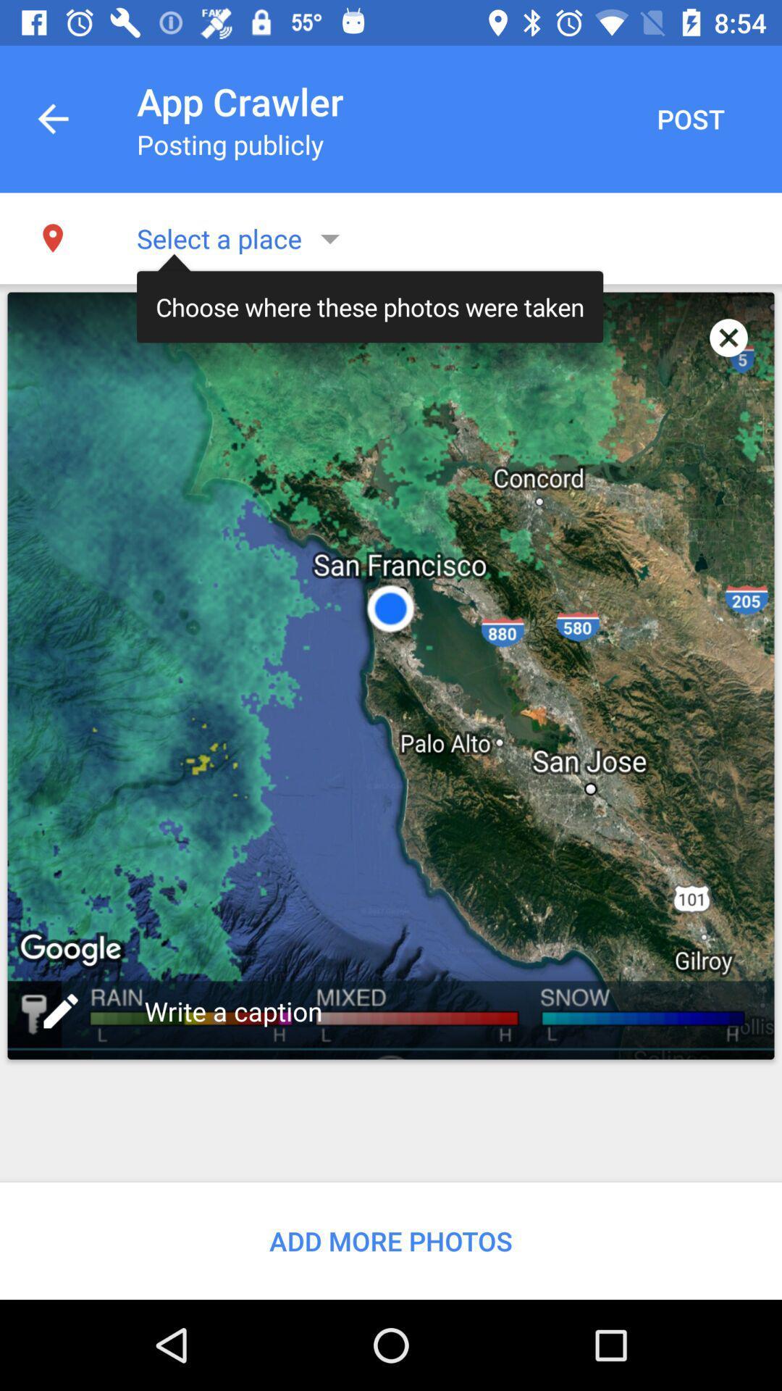 The image size is (782, 1391). What do you see at coordinates (728, 337) in the screenshot?
I see `app to the right of the choose where these item` at bounding box center [728, 337].